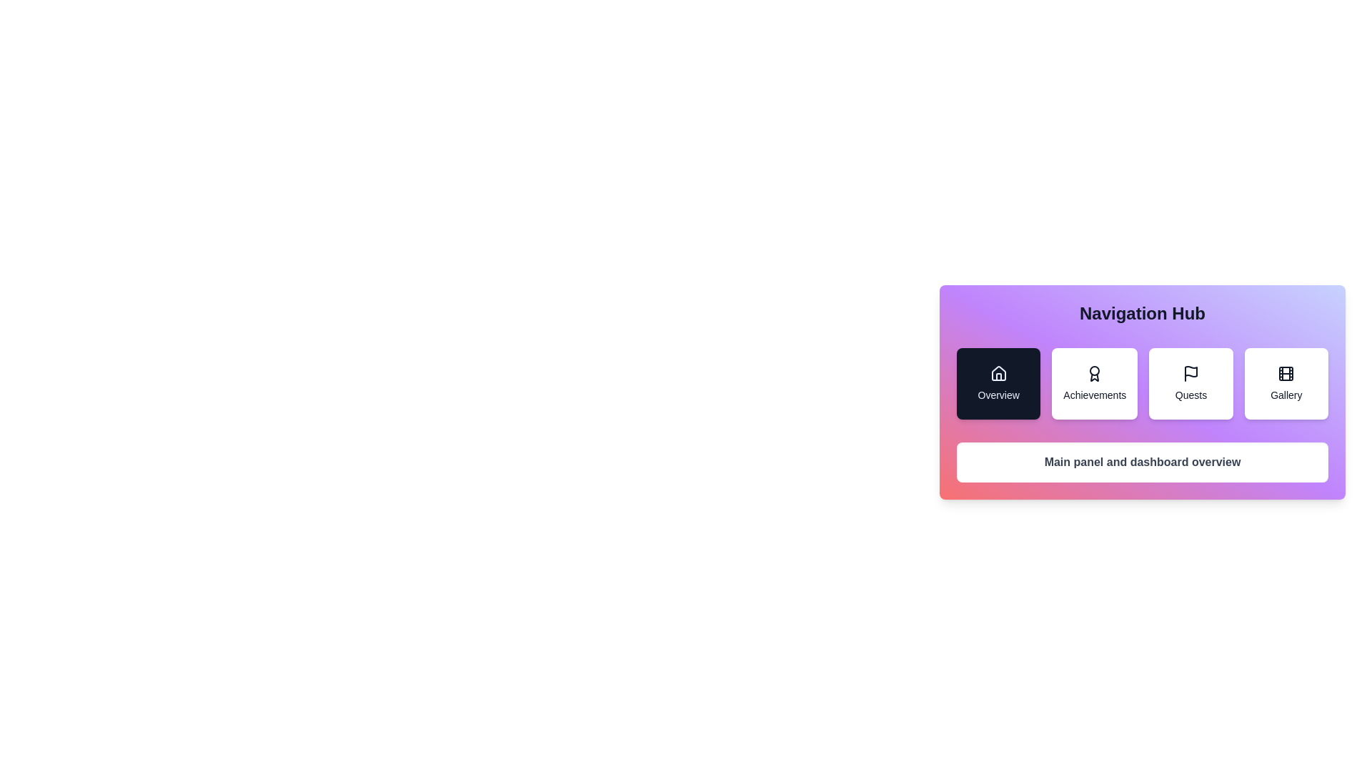 The height and width of the screenshot is (772, 1372). Describe the element at coordinates (1141, 403) in the screenshot. I see `any button within the Navigation Panel titled 'Navigation Hub', which features a gradient background and includes buttons like 'Overview', 'Achievements', 'Quests', and 'Gallery'` at that location.